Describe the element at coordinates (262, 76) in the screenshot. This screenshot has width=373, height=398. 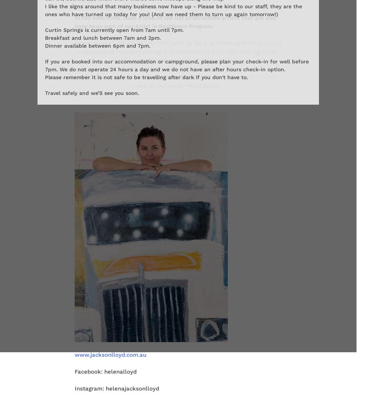
I see `'Our News'` at that location.